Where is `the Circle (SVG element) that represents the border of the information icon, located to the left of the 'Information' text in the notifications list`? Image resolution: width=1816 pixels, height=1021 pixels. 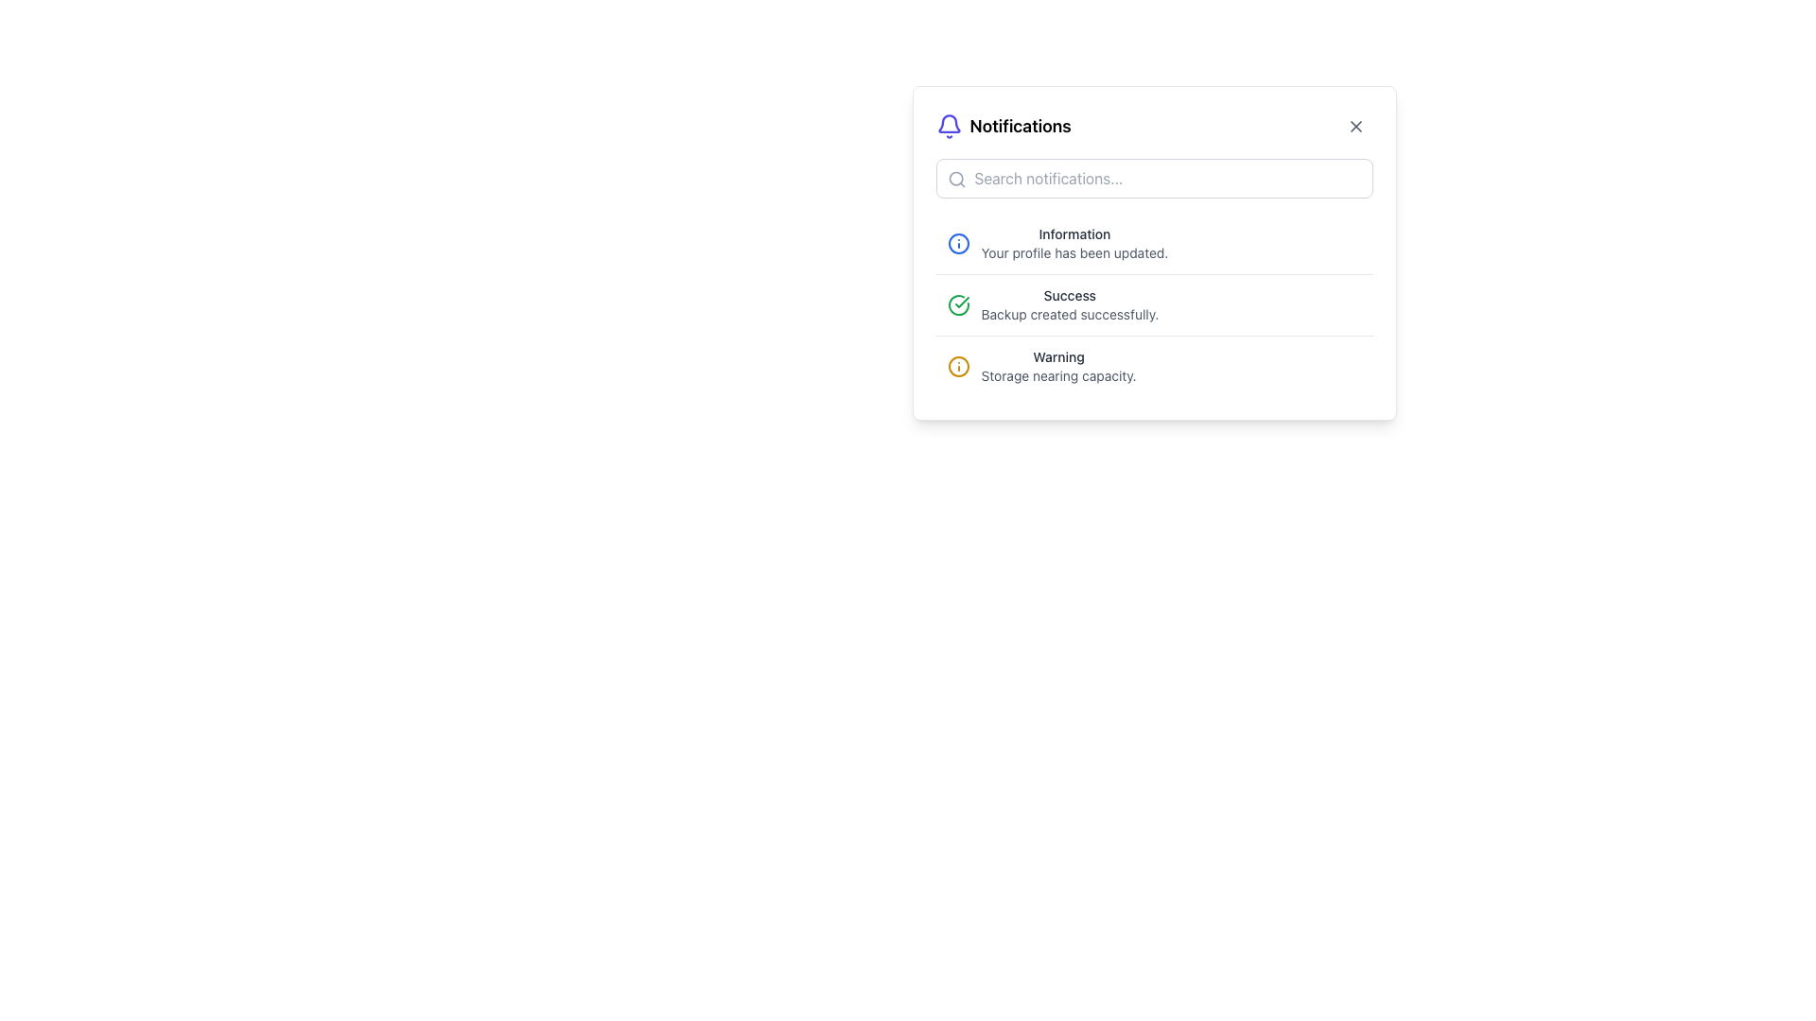 the Circle (SVG element) that represents the border of the information icon, located to the left of the 'Information' text in the notifications list is located at coordinates (958, 243).